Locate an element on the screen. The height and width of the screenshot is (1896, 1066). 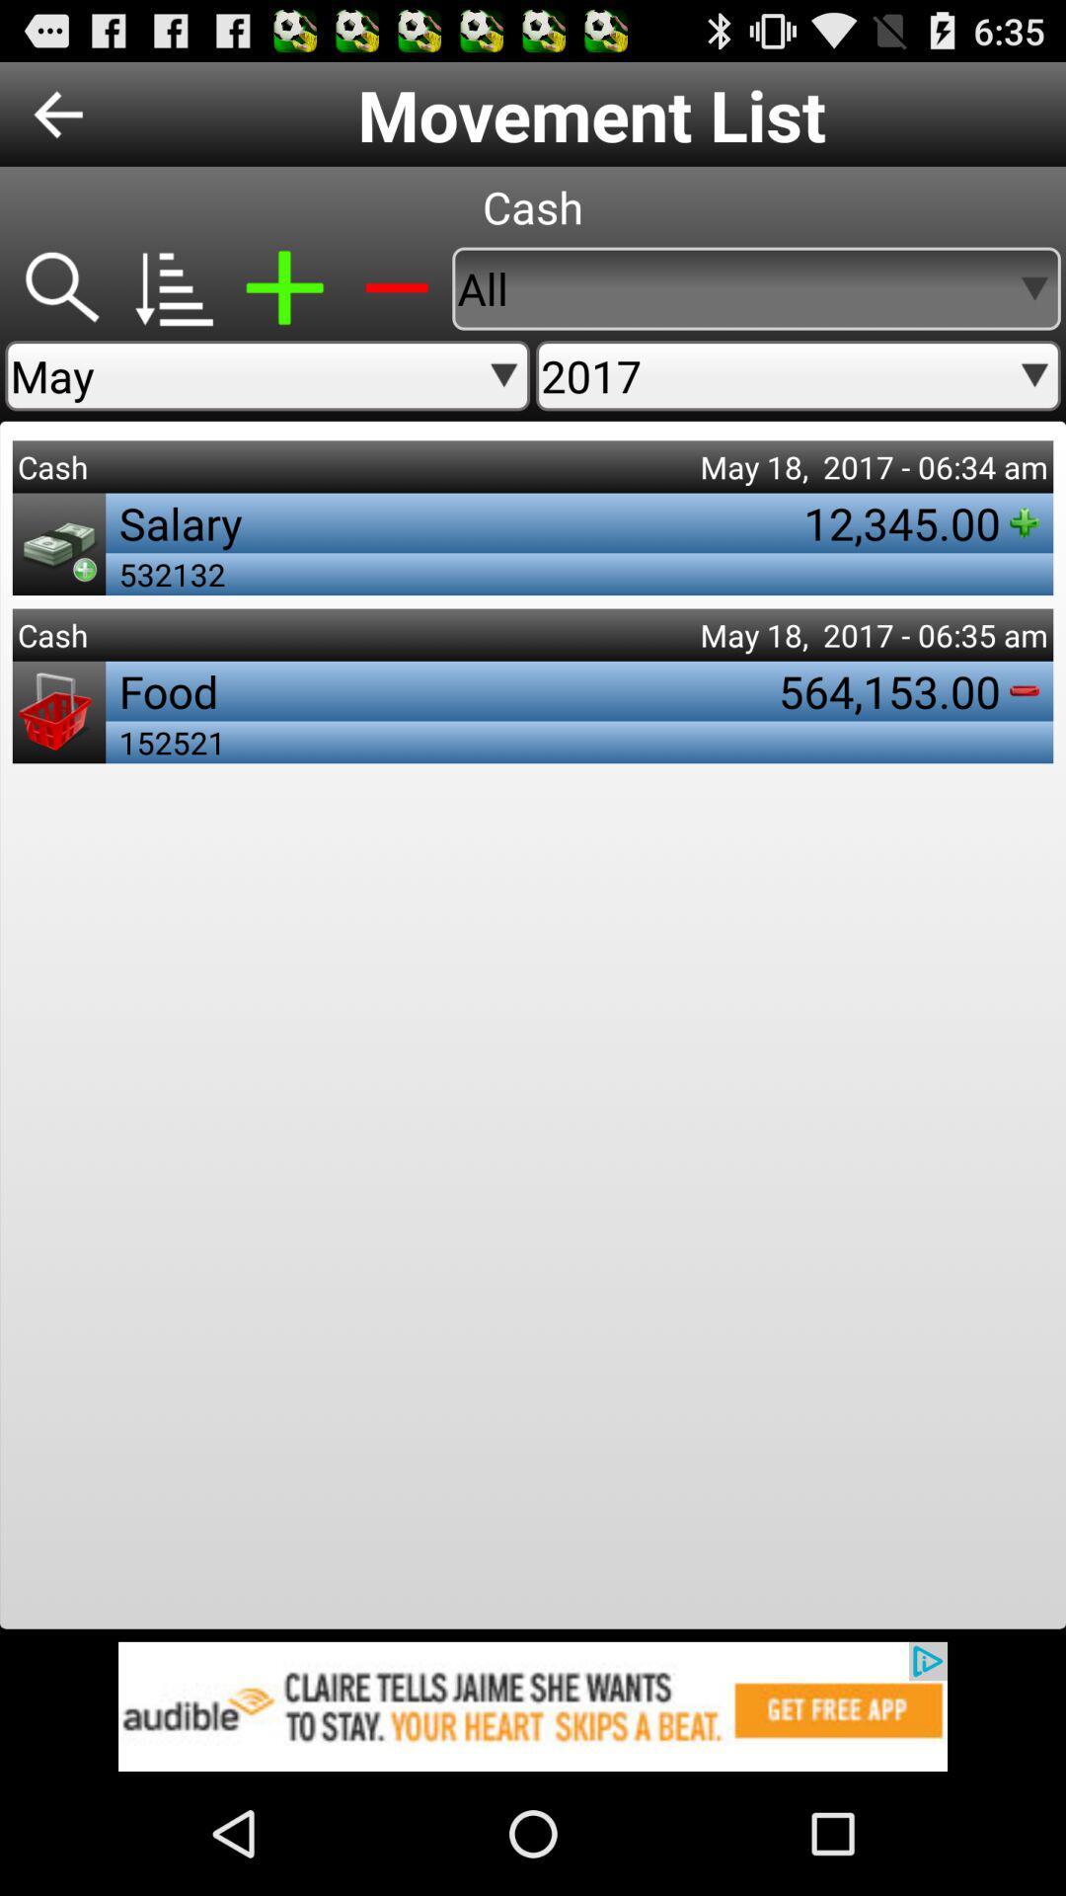
this is an advertisement click on it for more information is located at coordinates (533, 1705).